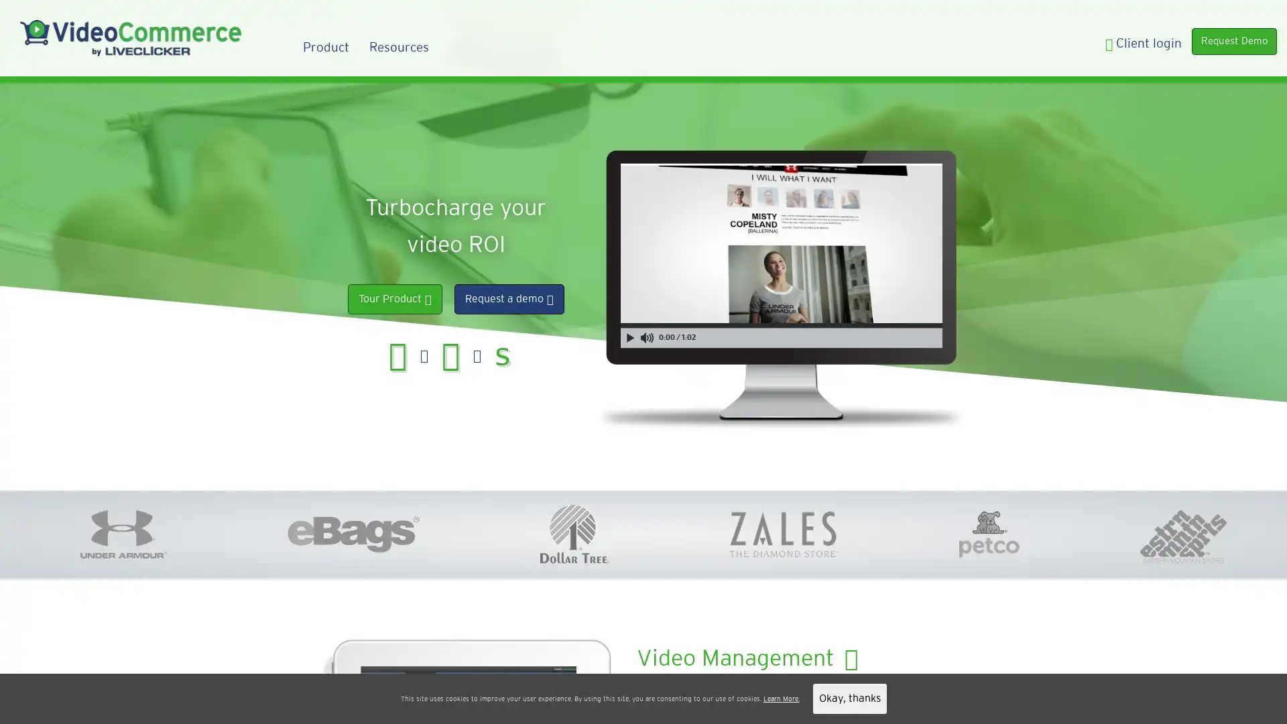  What do you see at coordinates (678, 698) in the screenshot?
I see `Our clients Liveclicker` at bounding box center [678, 698].